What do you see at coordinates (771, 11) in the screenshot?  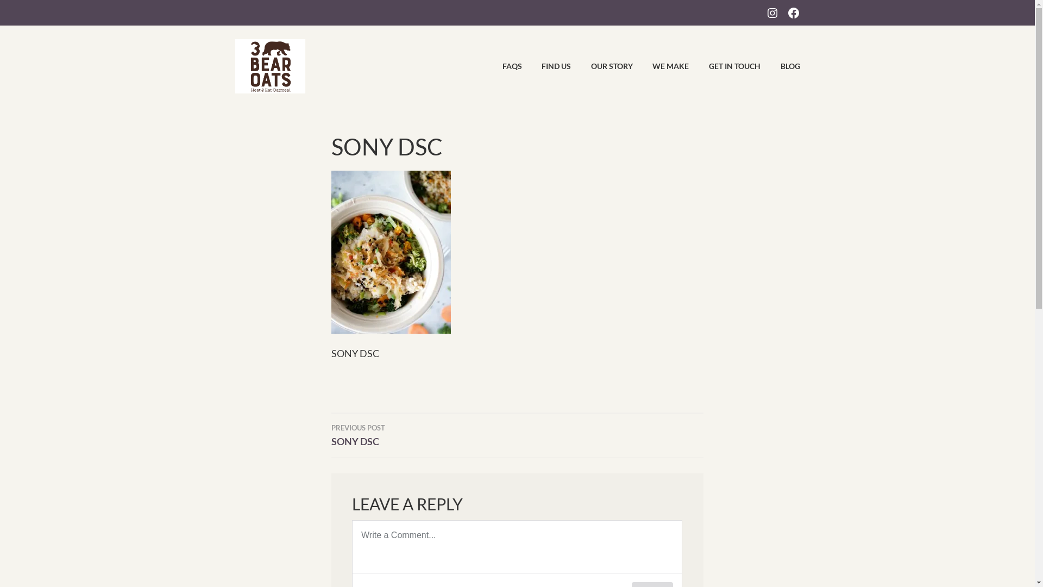 I see `'INSTAGRAM'` at bounding box center [771, 11].